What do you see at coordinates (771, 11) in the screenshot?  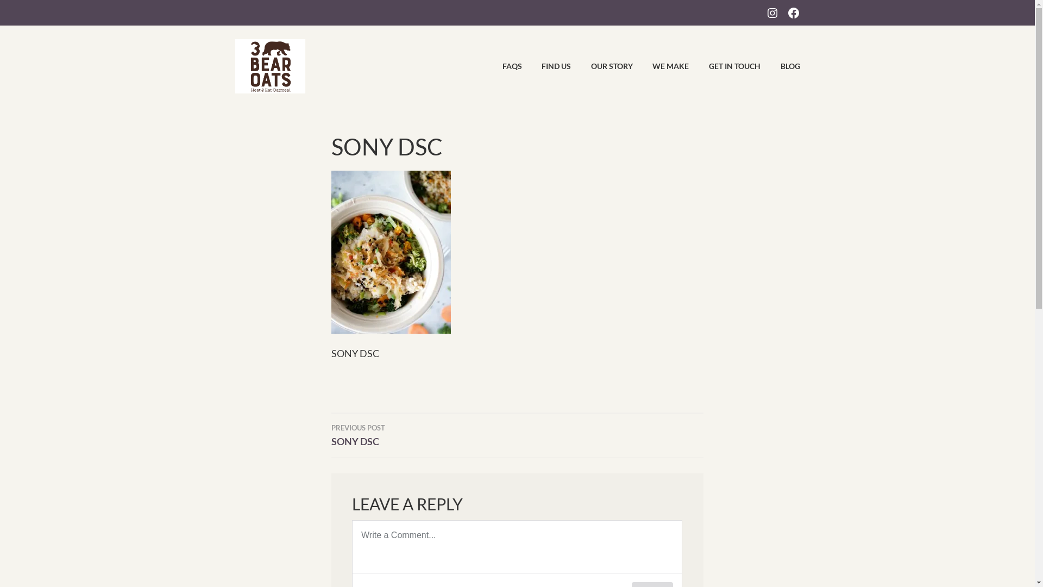 I see `'INSTAGRAM'` at bounding box center [771, 11].